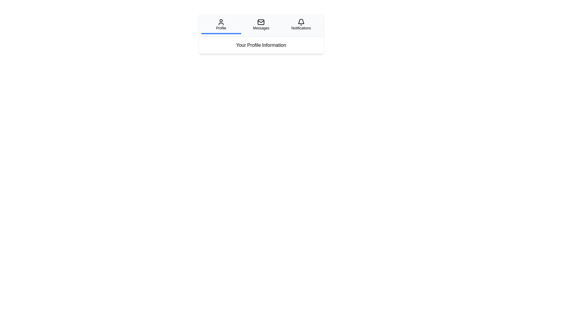 The image size is (576, 324). What do you see at coordinates (261, 22) in the screenshot?
I see `the main rectangular body of the envelope icon located in the 'Messages' tab, which is positioned between the 'Profile' and 'Notifications' tabs` at bounding box center [261, 22].